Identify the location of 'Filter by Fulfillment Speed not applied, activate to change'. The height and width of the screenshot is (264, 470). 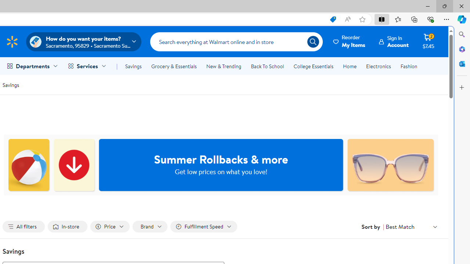
(203, 226).